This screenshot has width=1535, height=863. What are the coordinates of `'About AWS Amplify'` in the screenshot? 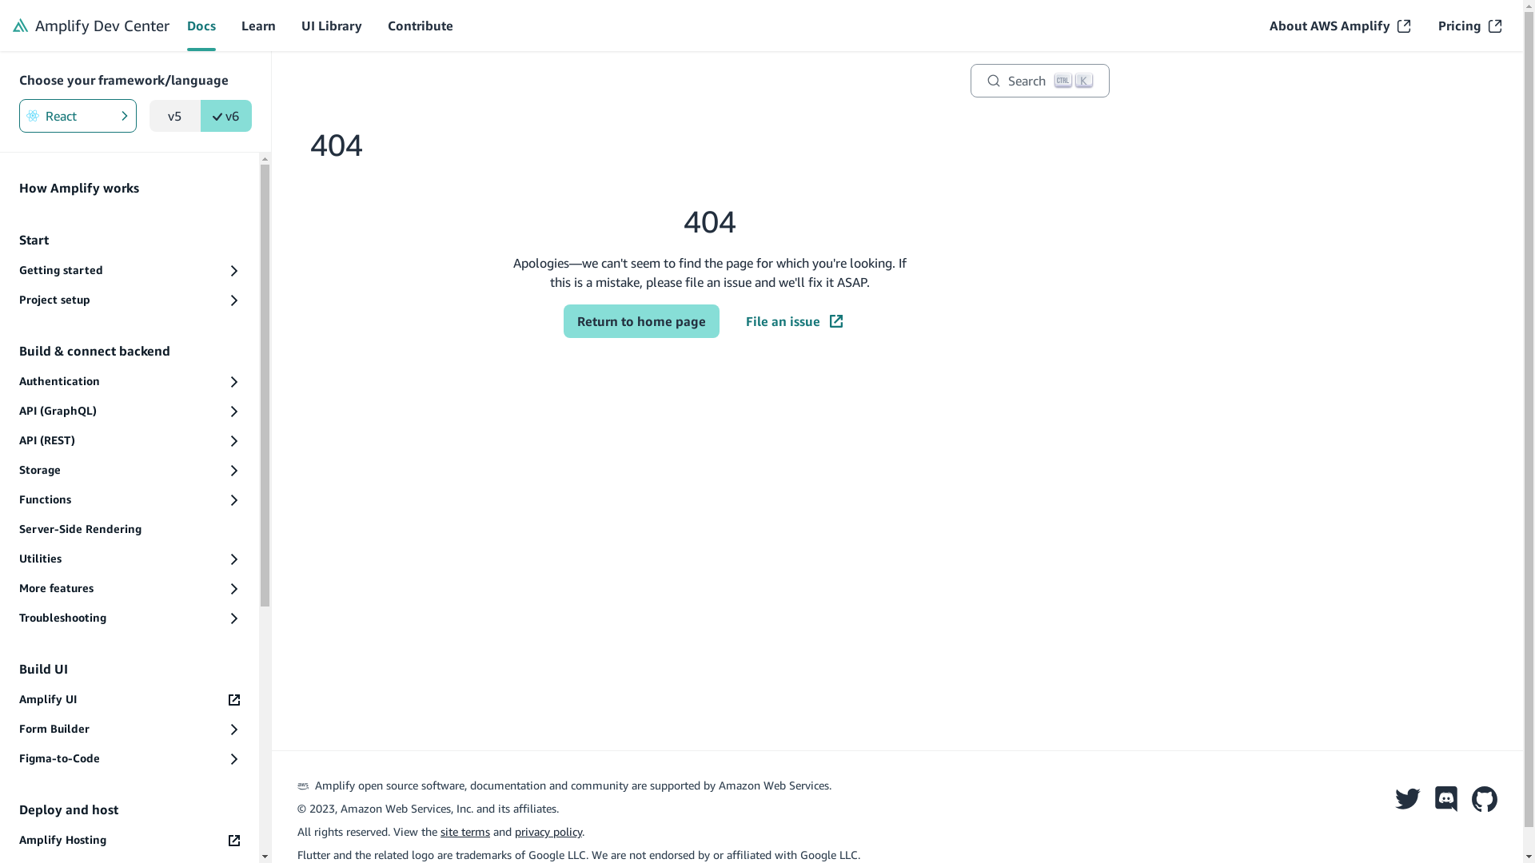 It's located at (1258, 25).